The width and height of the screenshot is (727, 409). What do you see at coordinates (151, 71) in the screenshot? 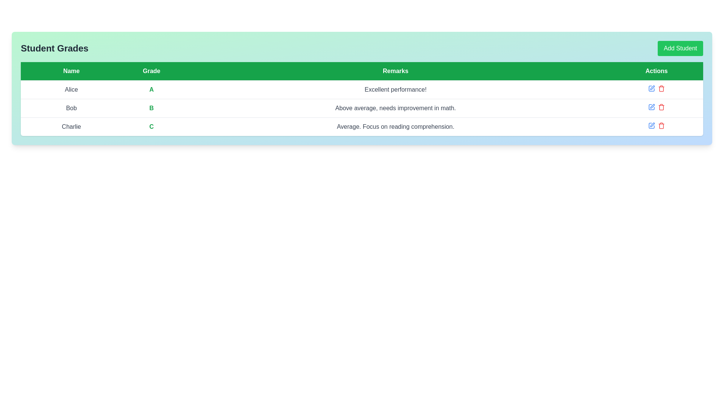
I see `the 'Grade' column header in the table, which is the second column header positioned between 'Name' and 'Remarks'` at bounding box center [151, 71].